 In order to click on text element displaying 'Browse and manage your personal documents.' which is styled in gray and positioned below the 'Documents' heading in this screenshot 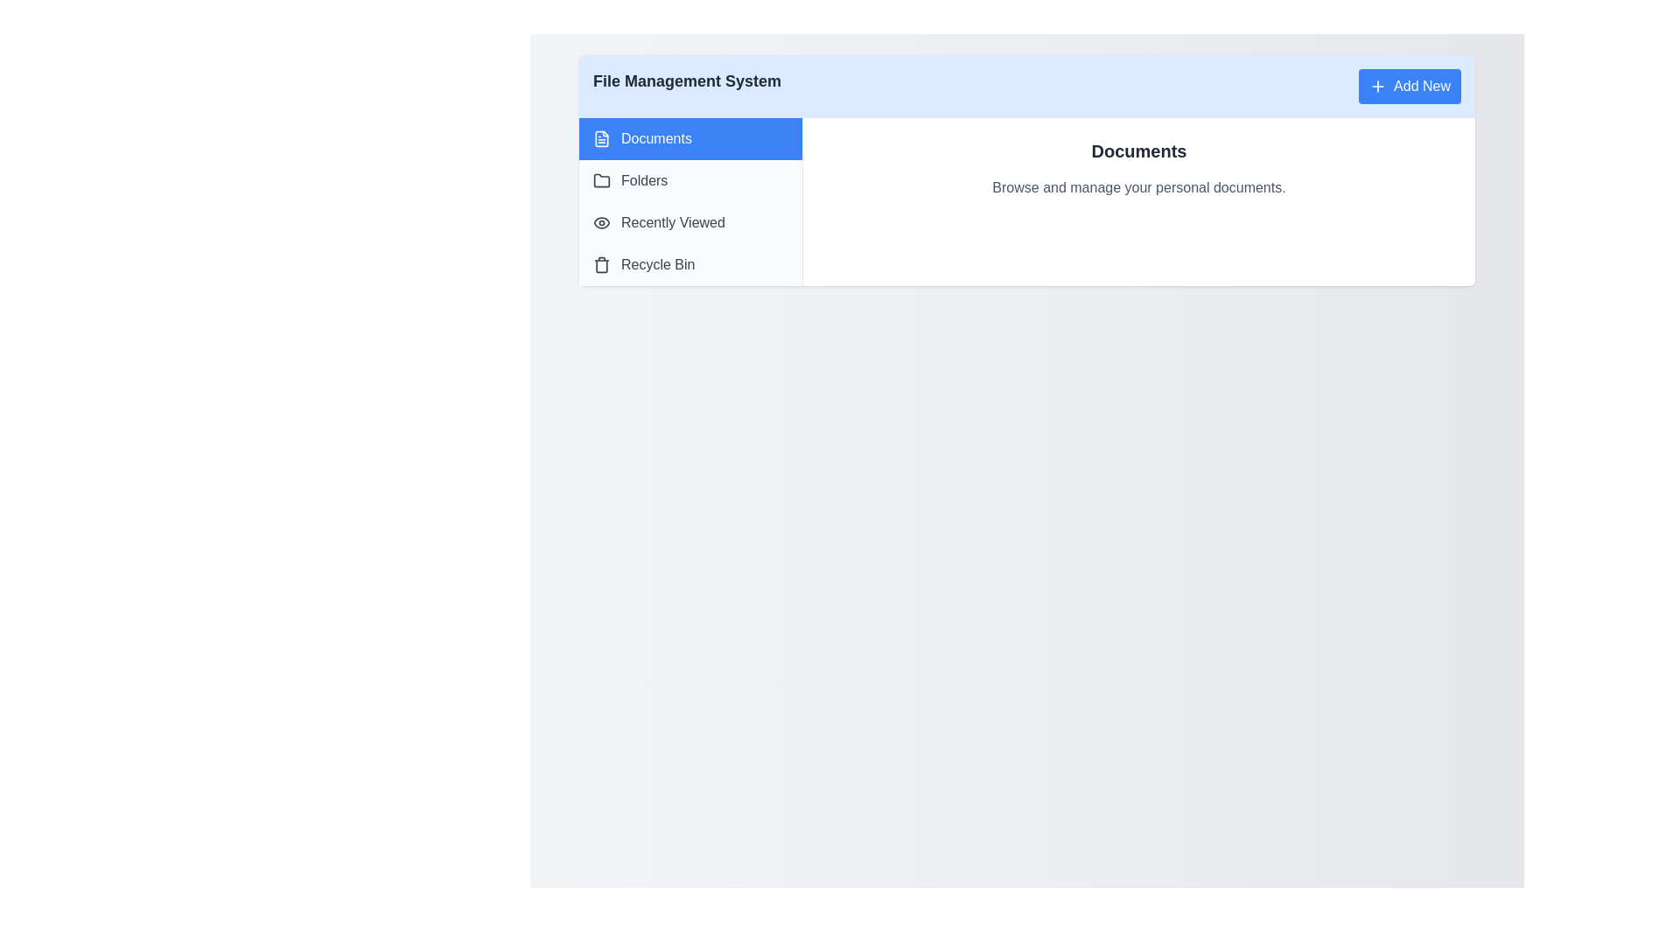, I will do `click(1138, 188)`.